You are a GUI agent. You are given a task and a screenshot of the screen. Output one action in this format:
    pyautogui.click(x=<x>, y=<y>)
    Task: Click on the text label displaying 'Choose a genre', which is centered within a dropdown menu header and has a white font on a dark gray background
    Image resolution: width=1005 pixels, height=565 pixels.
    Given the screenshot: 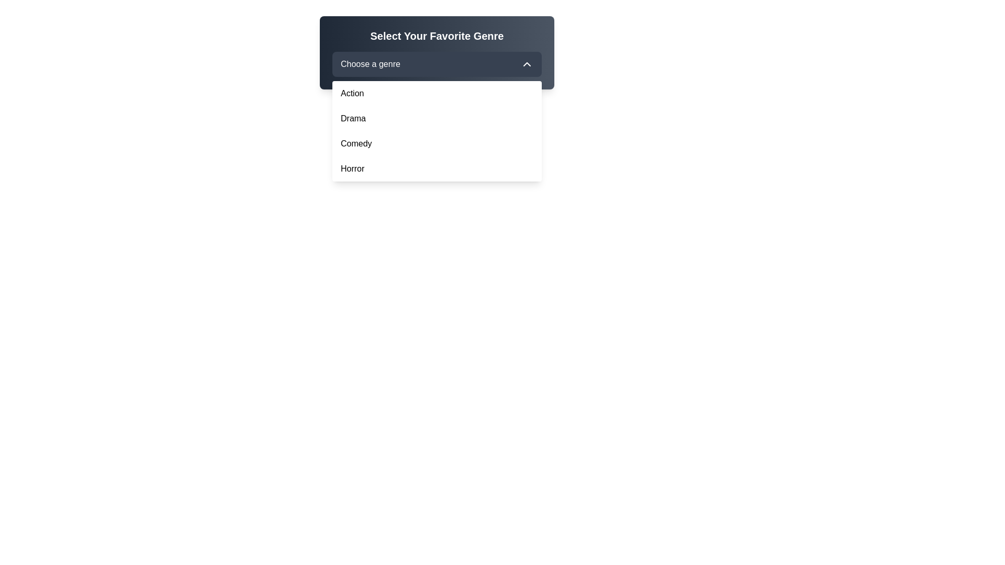 What is the action you would take?
    pyautogui.click(x=370, y=64)
    